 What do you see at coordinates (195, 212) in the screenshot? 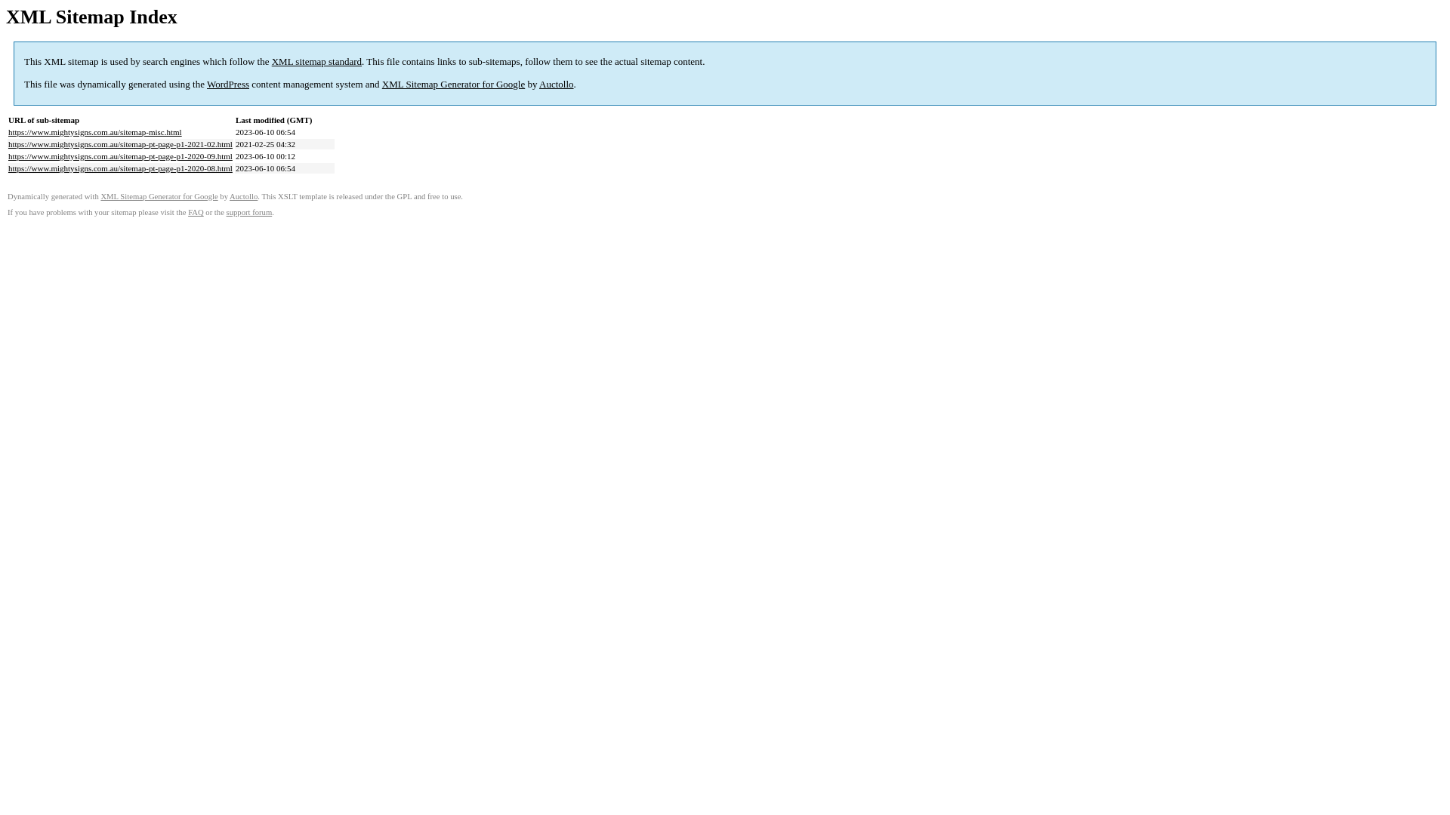
I see `'FAQ'` at bounding box center [195, 212].